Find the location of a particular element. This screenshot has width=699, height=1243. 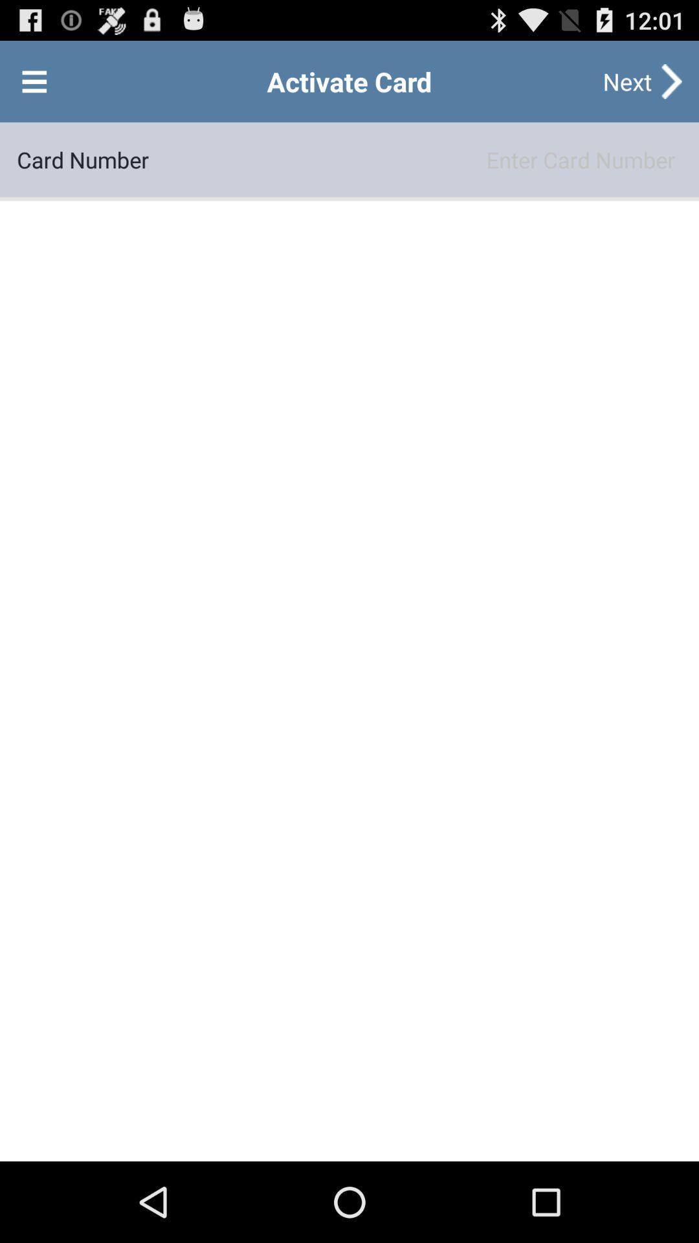

open menu is located at coordinates (34, 80).